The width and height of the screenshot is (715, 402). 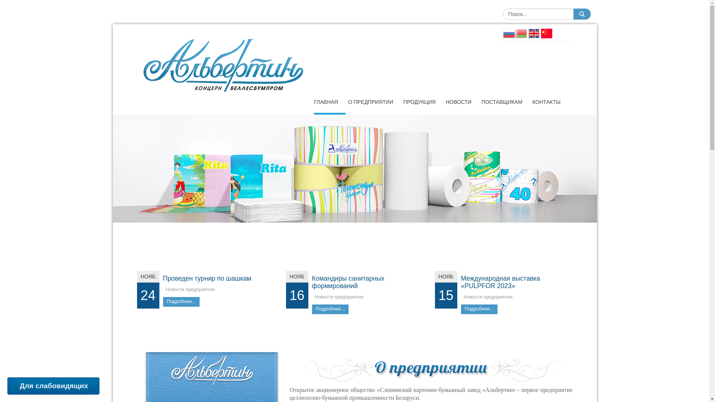 I want to click on 'English language', so click(x=533, y=32).